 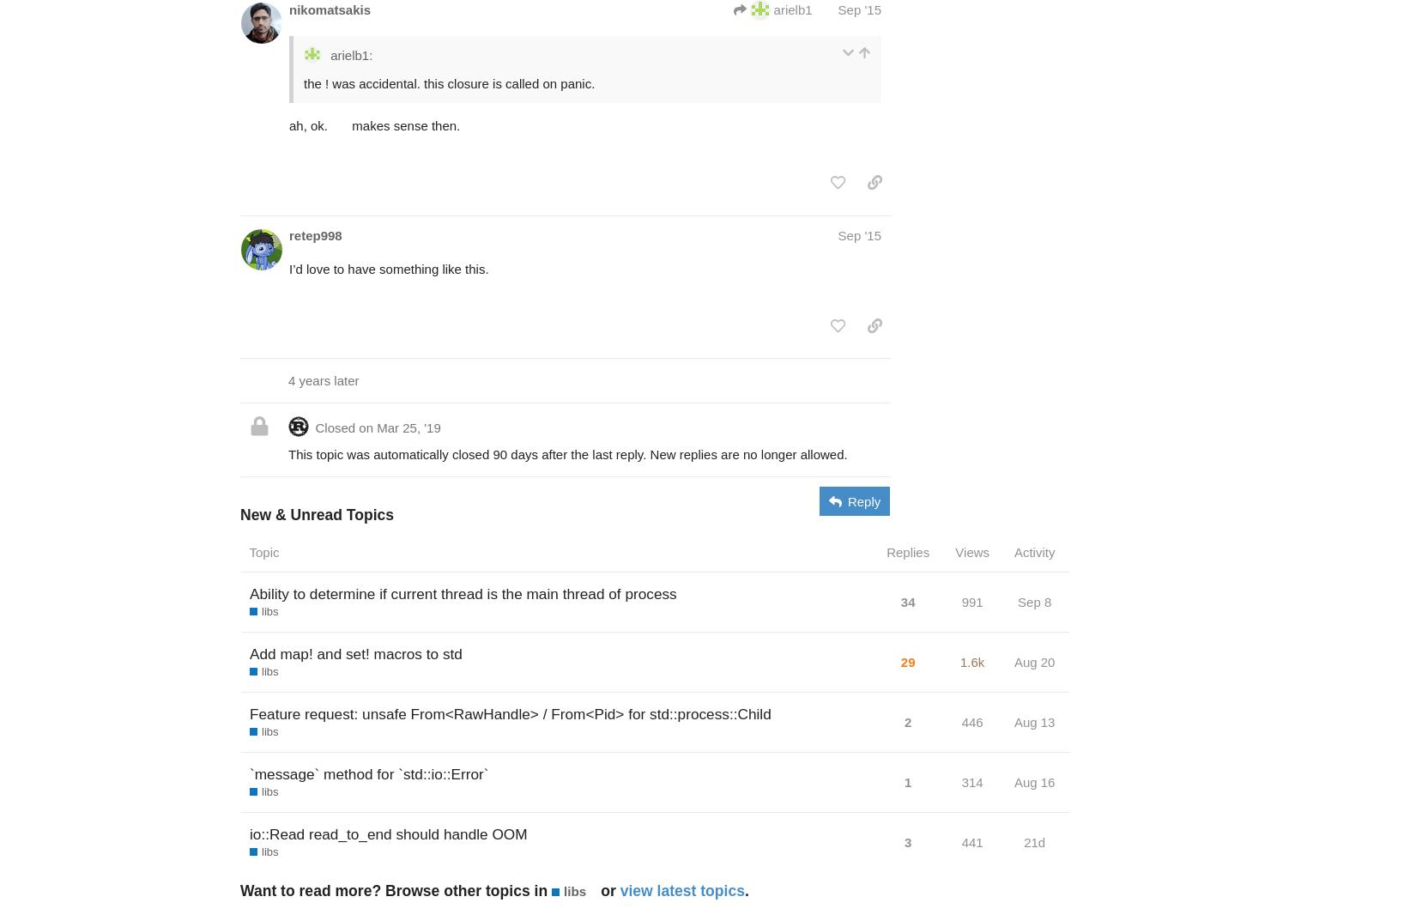 What do you see at coordinates (326, 55) in the screenshot?
I see `'arielb1:'` at bounding box center [326, 55].